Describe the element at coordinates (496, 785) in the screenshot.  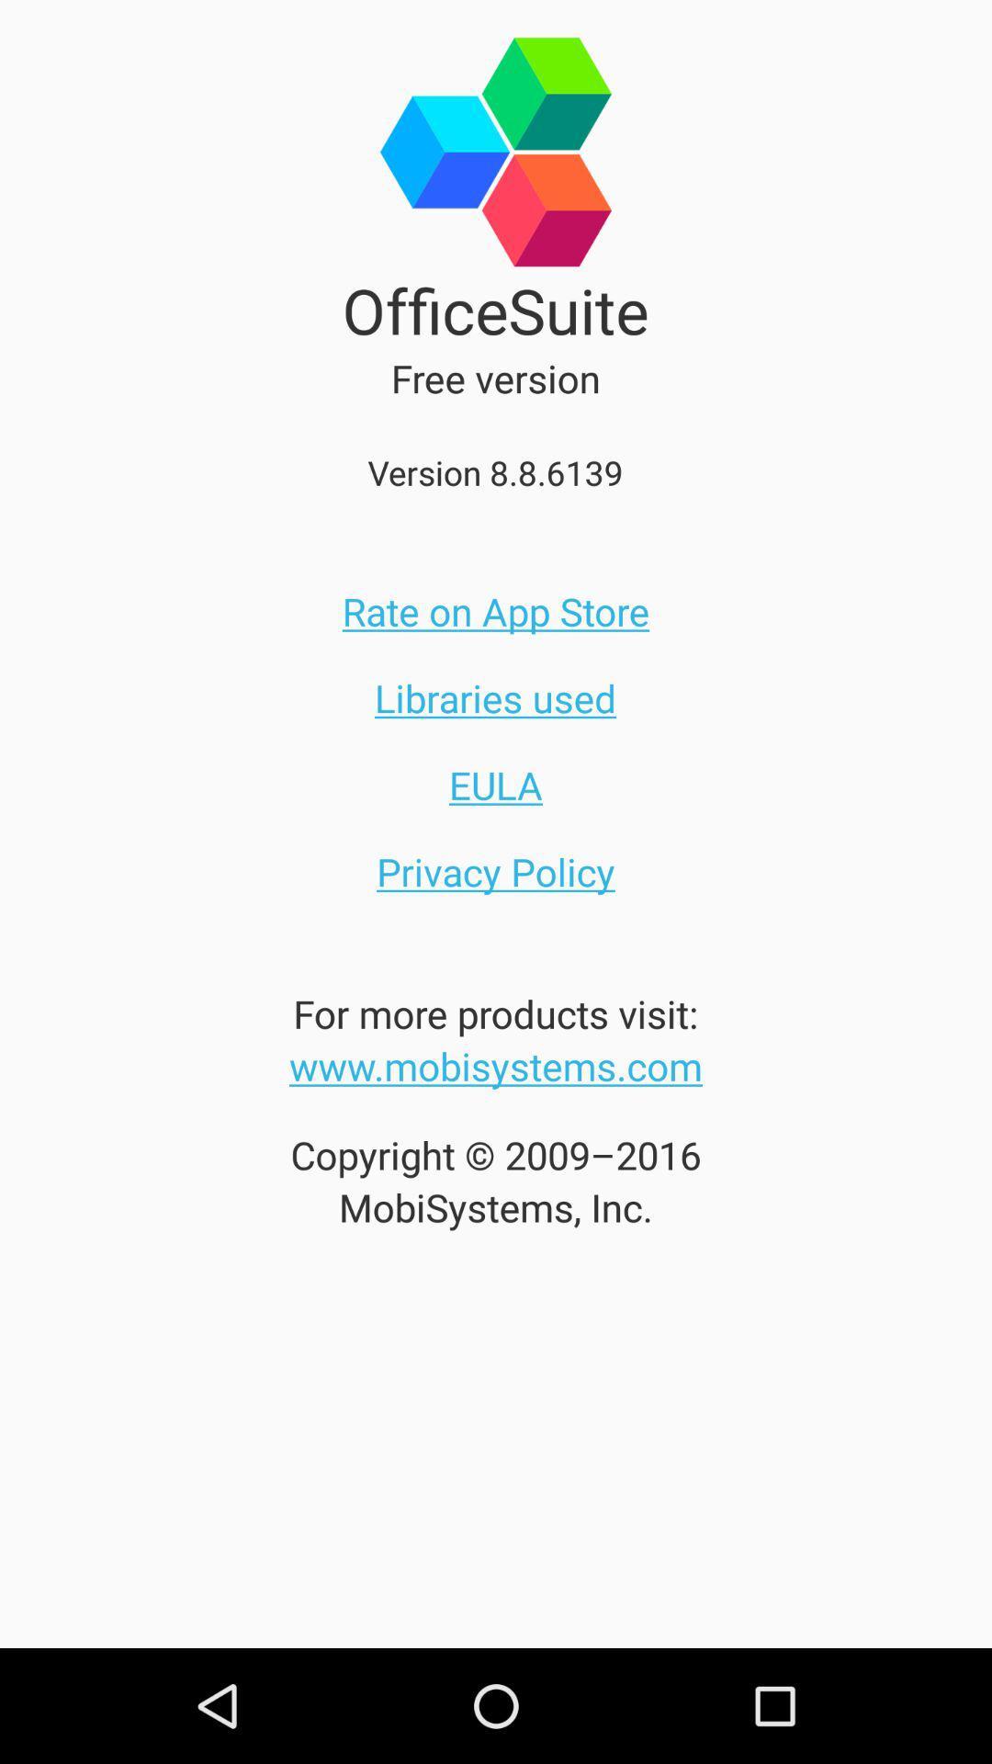
I see `the item below the libraries used icon` at that location.